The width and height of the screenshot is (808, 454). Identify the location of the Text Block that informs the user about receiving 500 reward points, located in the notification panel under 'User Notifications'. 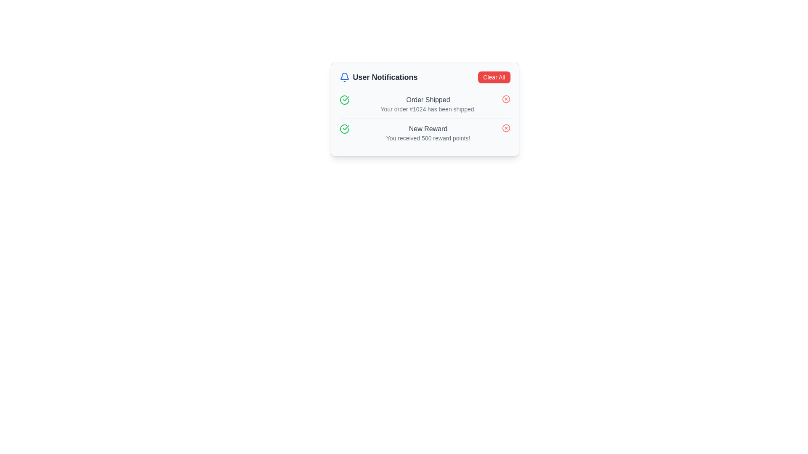
(428, 132).